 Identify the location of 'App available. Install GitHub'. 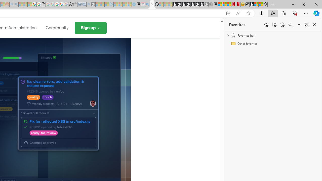
(228, 13).